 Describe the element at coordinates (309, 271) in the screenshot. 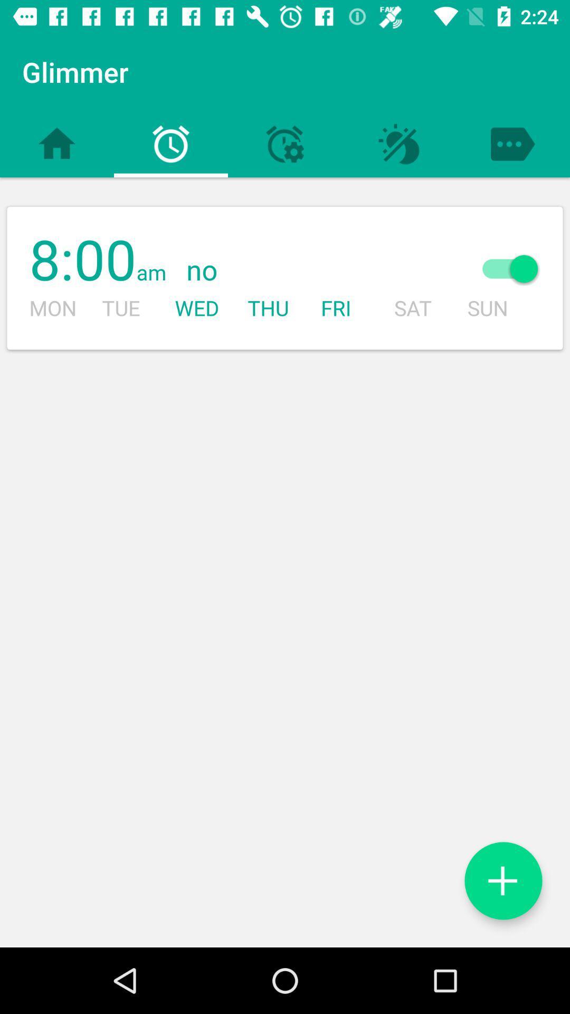

I see `the icon to the right of the am icon` at that location.